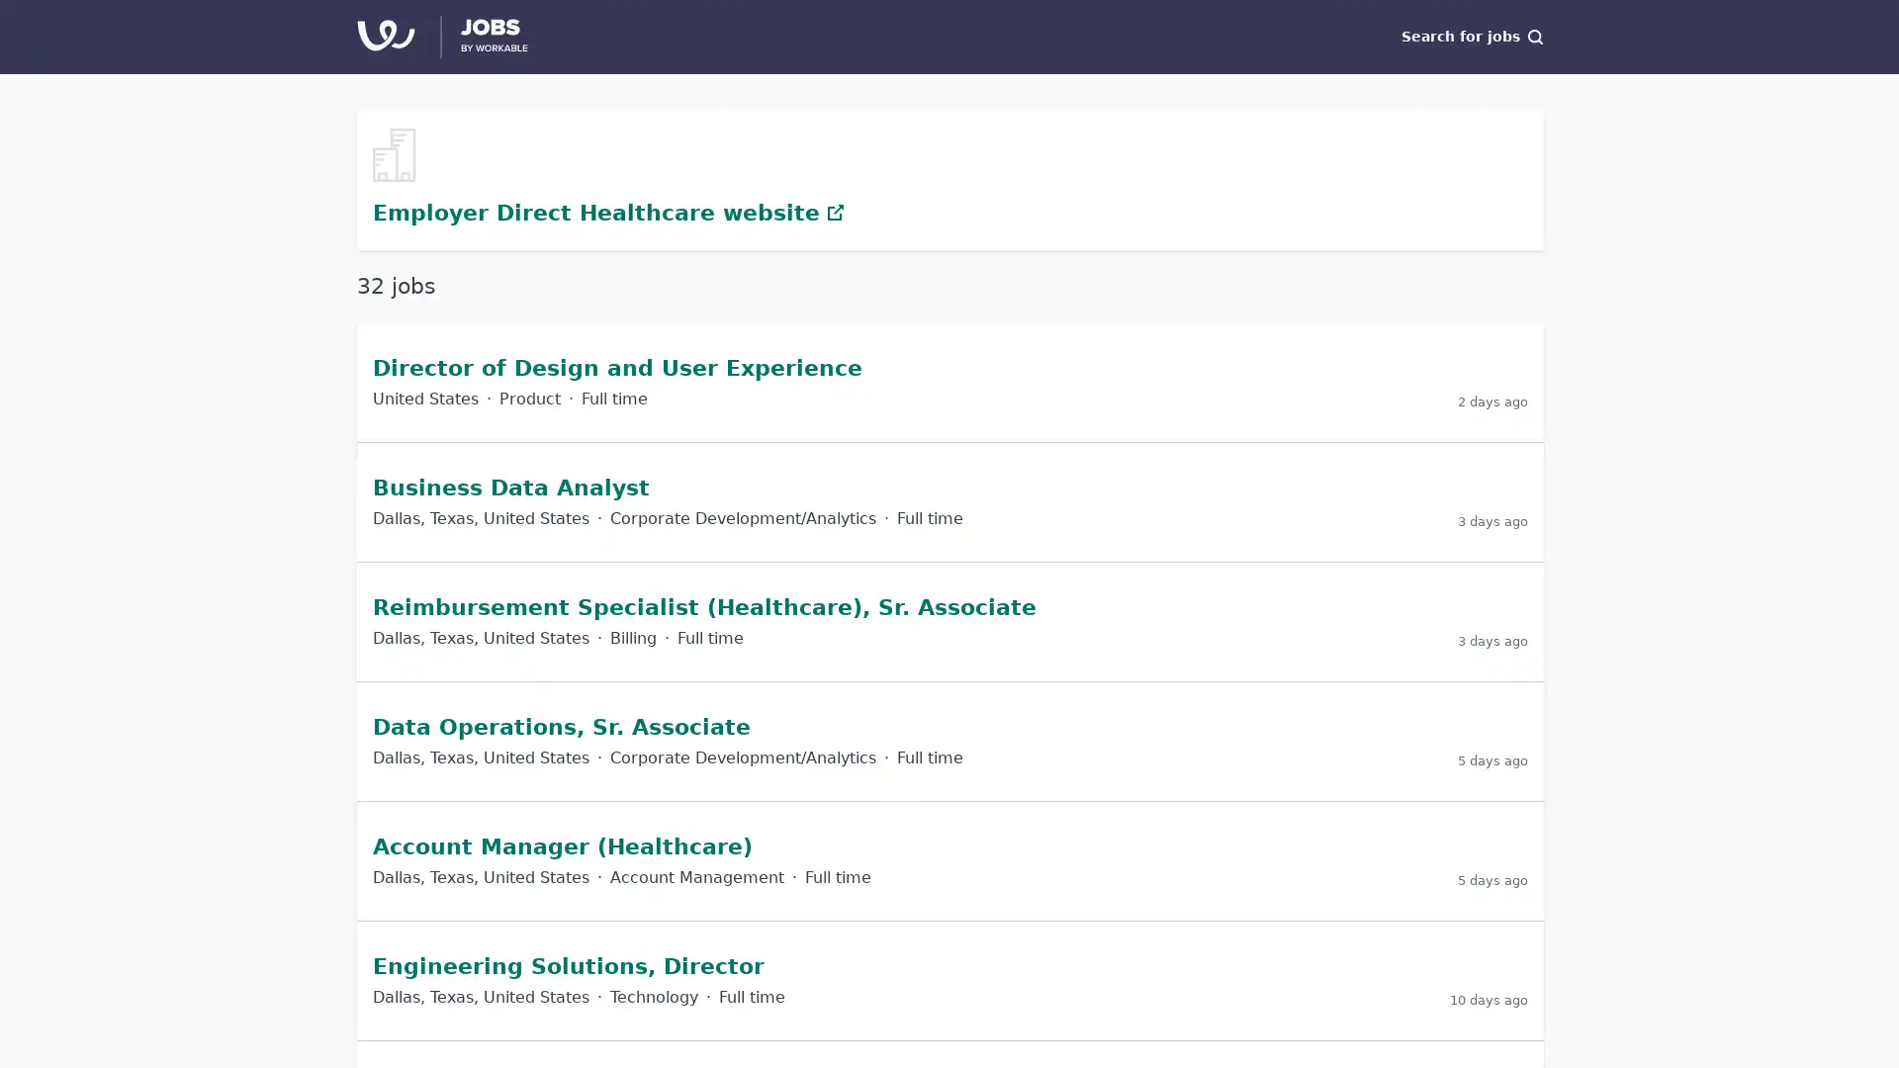 The height and width of the screenshot is (1068, 1899). Describe the element at coordinates (949, 499) in the screenshot. I see `Business Data Analyst at Employer Direct Healthcare` at that location.